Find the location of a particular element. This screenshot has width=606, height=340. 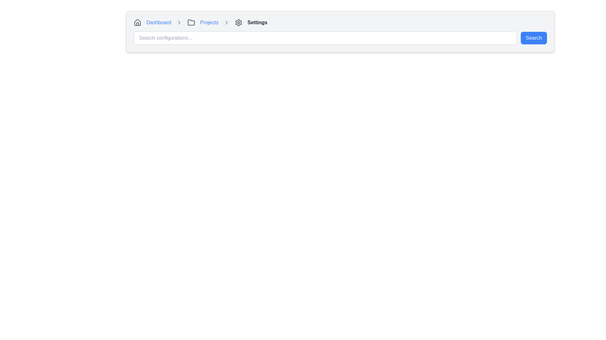

the third textual item in the breadcrumb navigation bar that indicates the current or targeted section related to settings, immediately following the text 'Projects' is located at coordinates (257, 22).